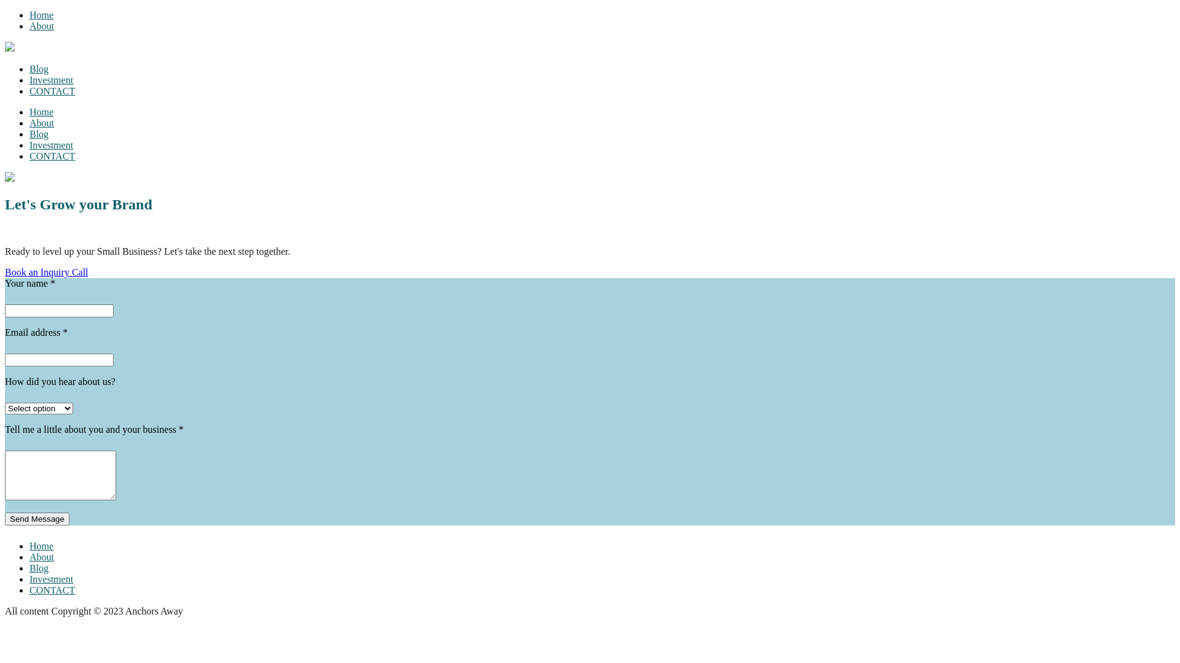 This screenshot has height=663, width=1180. What do you see at coordinates (41, 123) in the screenshot?
I see `'About'` at bounding box center [41, 123].